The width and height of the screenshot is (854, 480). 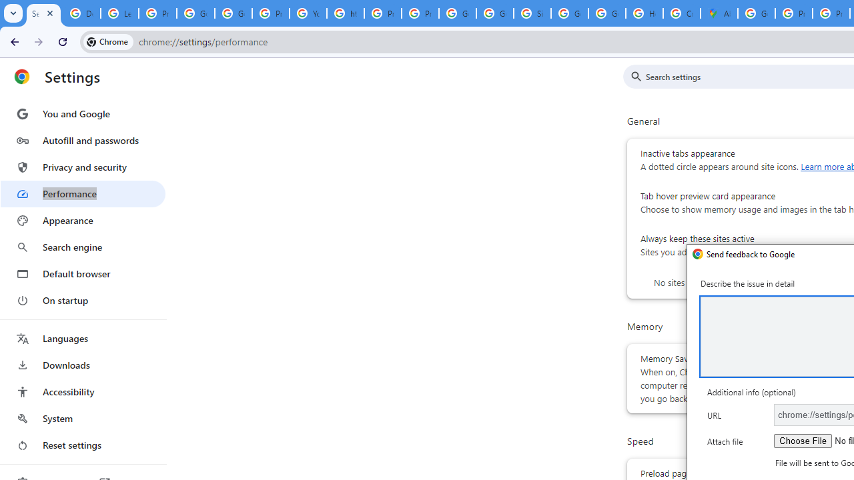 What do you see at coordinates (43, 13) in the screenshot?
I see `'Settings - Performance'` at bounding box center [43, 13].